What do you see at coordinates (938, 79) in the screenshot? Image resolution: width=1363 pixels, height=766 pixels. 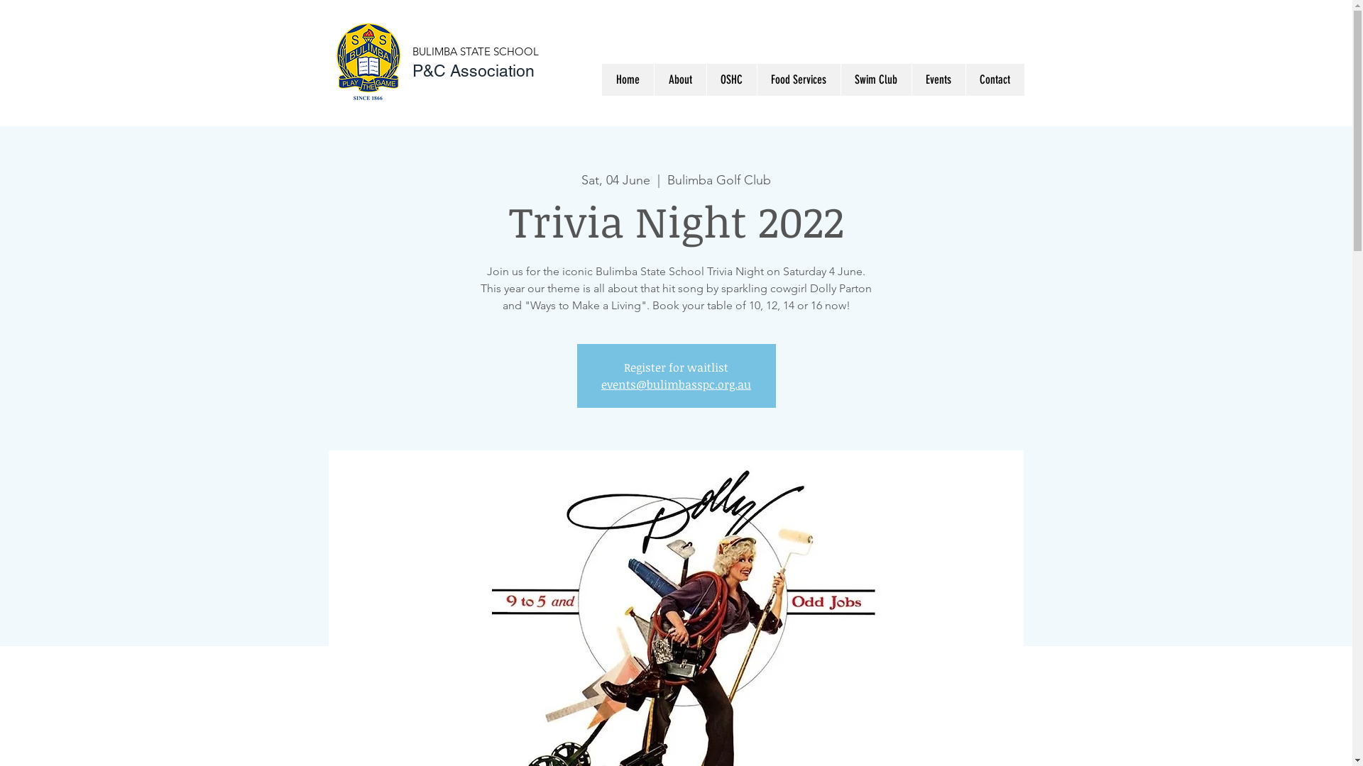 I see `'Events'` at bounding box center [938, 79].